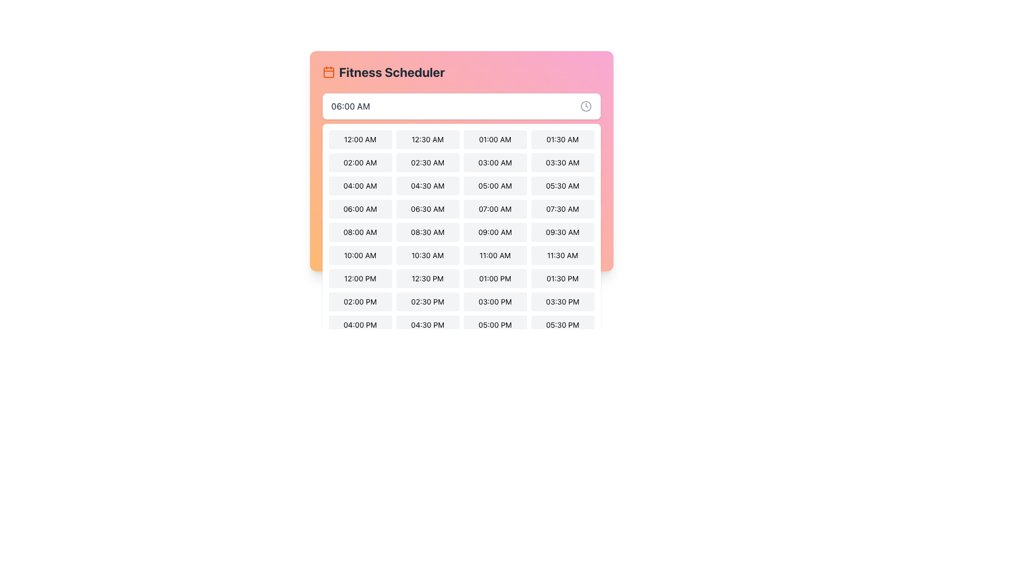 The height and width of the screenshot is (569, 1012). What do you see at coordinates (494, 231) in the screenshot?
I see `the button` at bounding box center [494, 231].